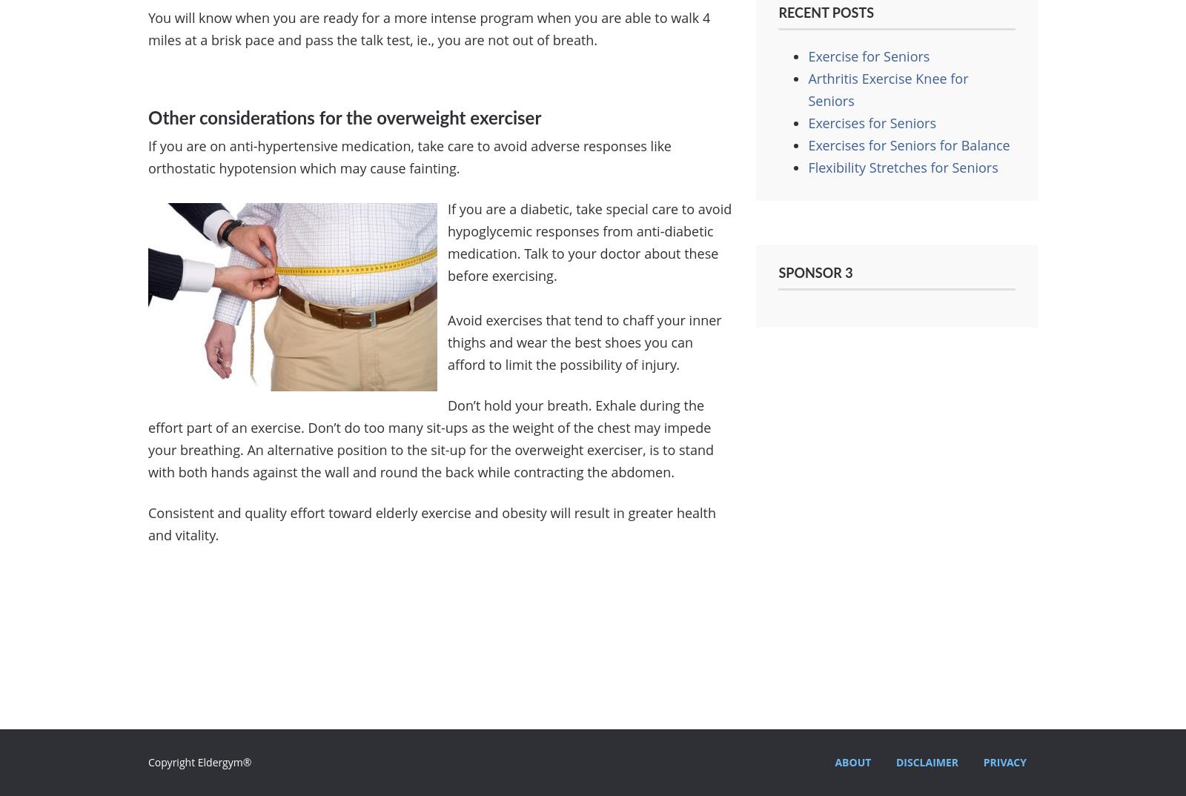 This screenshot has height=796, width=1186. Describe the element at coordinates (589, 242) in the screenshot. I see `'If you are a diabetic, take special care to avoid hypoglycemic responses from anti-diabetic medication. Talk to your doctor about these before exercising.'` at that location.